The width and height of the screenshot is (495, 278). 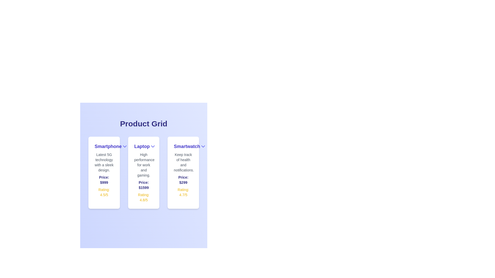 What do you see at coordinates (187, 146) in the screenshot?
I see `text displayed as the title or header of the smartwatch product card, which is located at the top of the third card in a horizontal row of three product cards` at bounding box center [187, 146].